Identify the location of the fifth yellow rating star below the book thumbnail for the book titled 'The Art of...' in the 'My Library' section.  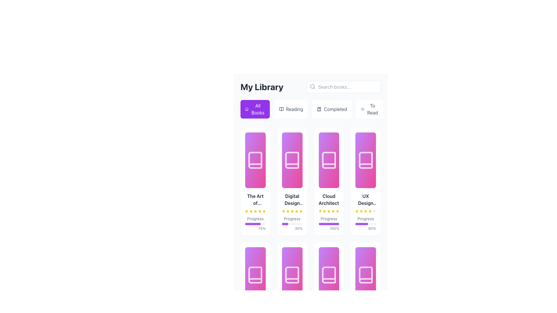
(259, 211).